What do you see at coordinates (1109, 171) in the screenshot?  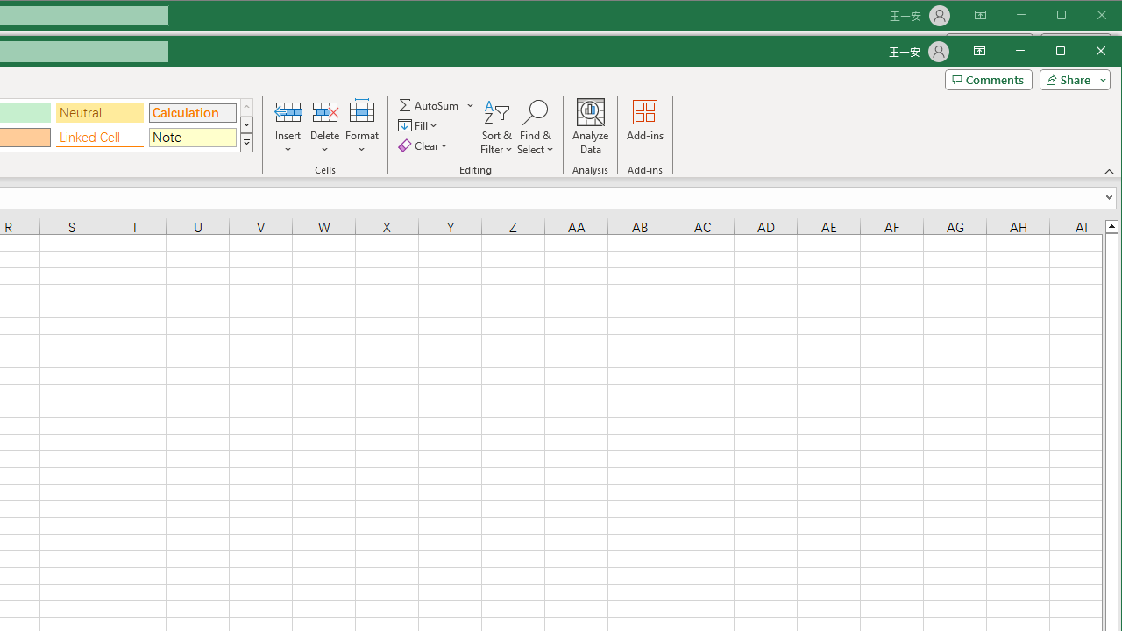 I see `'Collapse the Ribbon'` at bounding box center [1109, 171].